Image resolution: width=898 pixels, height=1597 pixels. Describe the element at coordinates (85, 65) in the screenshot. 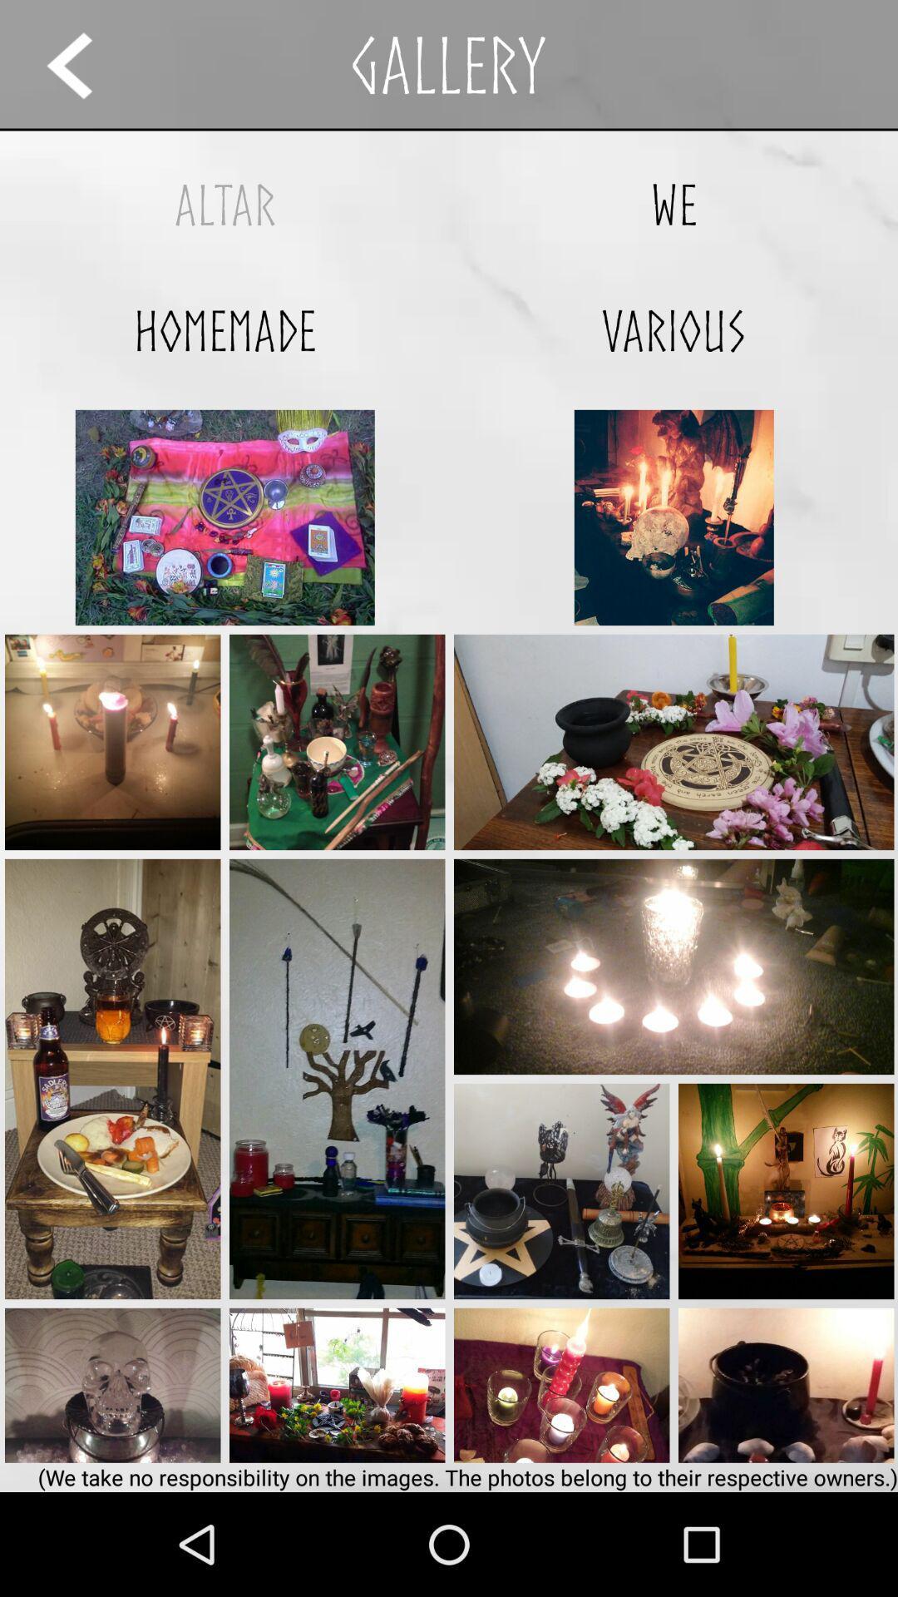

I see `the icon above the altar` at that location.